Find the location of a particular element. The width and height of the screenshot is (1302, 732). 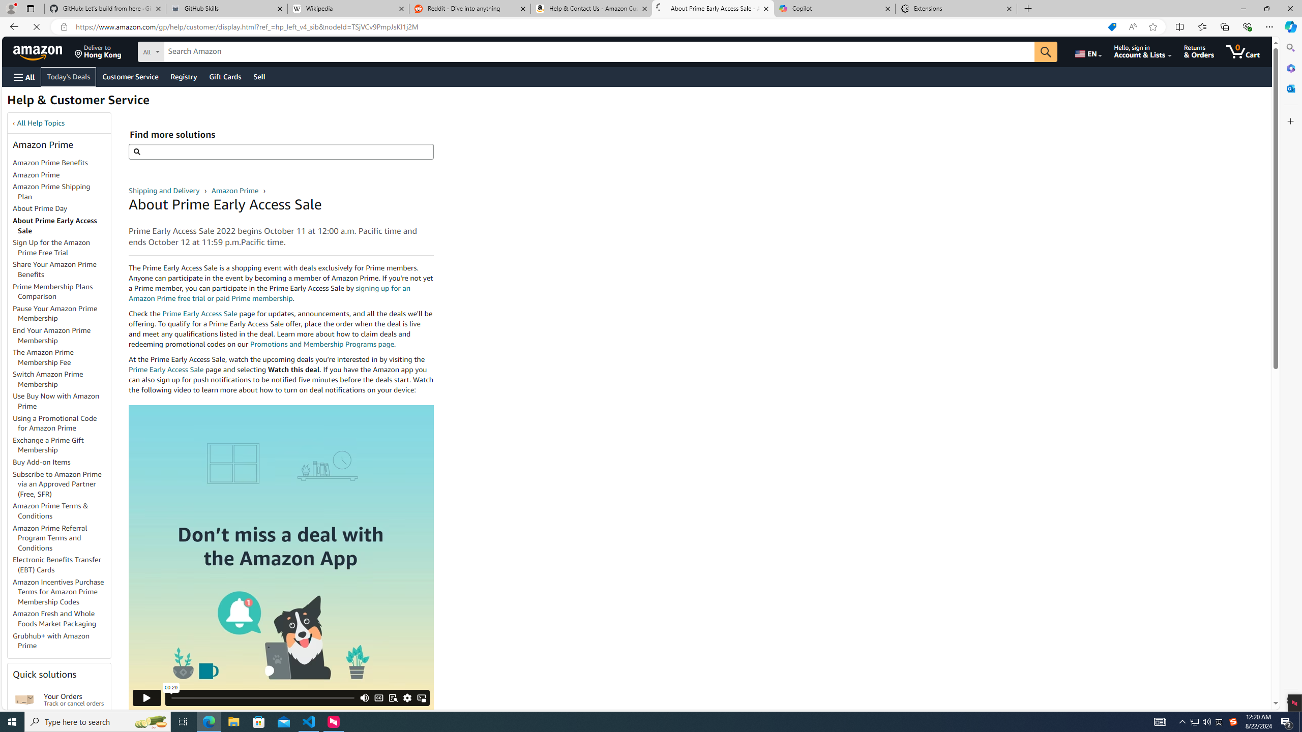

'Open Menu' is located at coordinates (23, 76).